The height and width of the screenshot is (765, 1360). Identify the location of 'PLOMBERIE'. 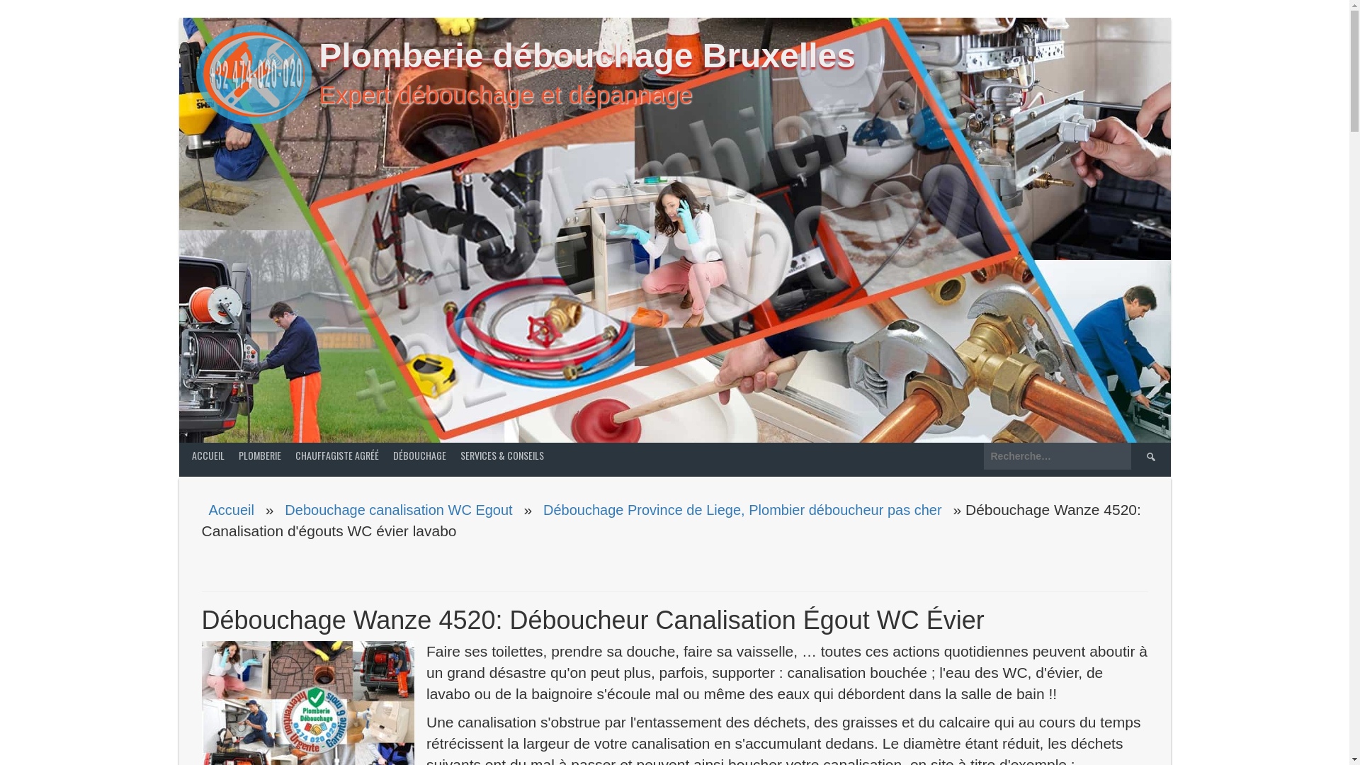
(259, 455).